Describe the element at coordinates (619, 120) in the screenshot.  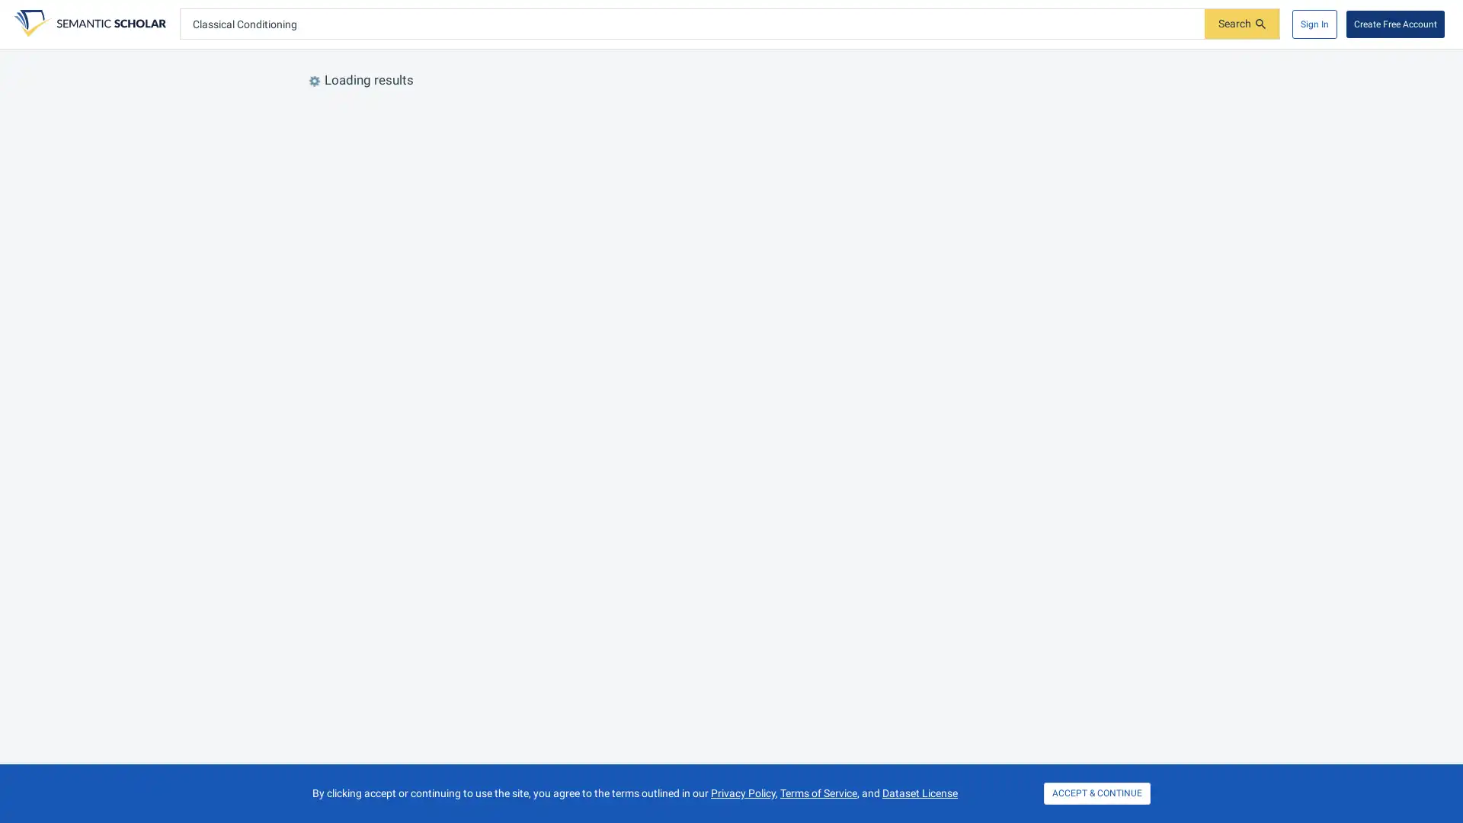
I see `Publication Type` at that location.